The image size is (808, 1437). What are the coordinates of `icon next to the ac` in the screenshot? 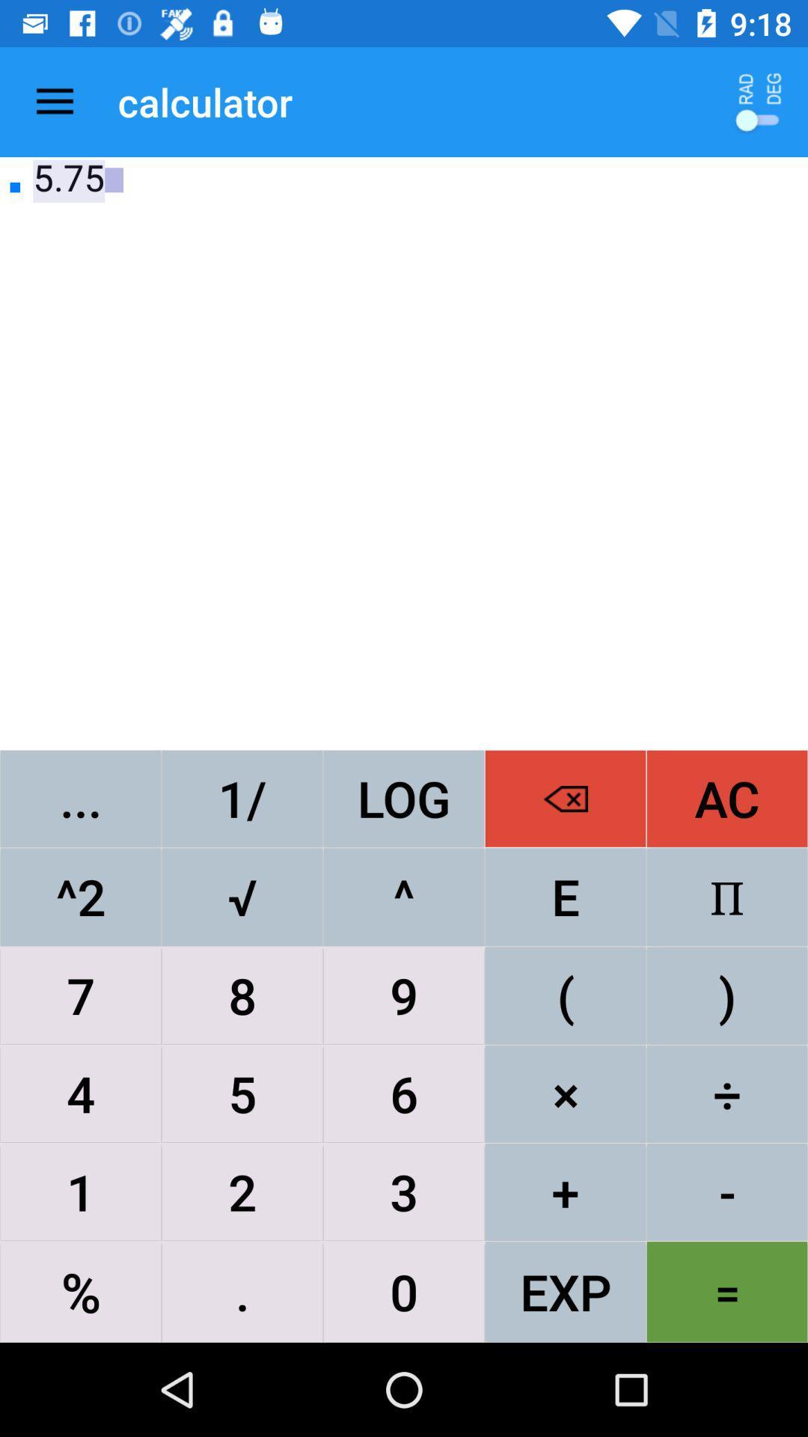 It's located at (566, 897).